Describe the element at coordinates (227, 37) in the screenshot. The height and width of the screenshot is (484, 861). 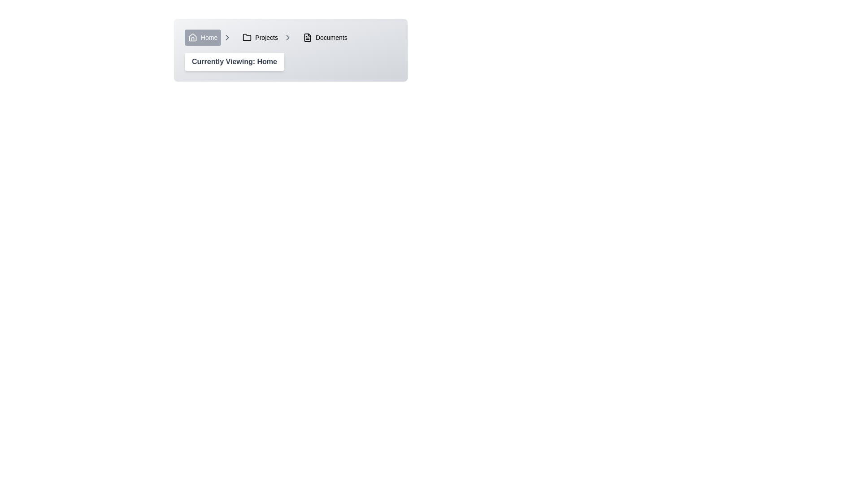
I see `the right chevron arrow icon adjacent to the Home text for navigation cues in the breadcrumb navigation interface` at that location.